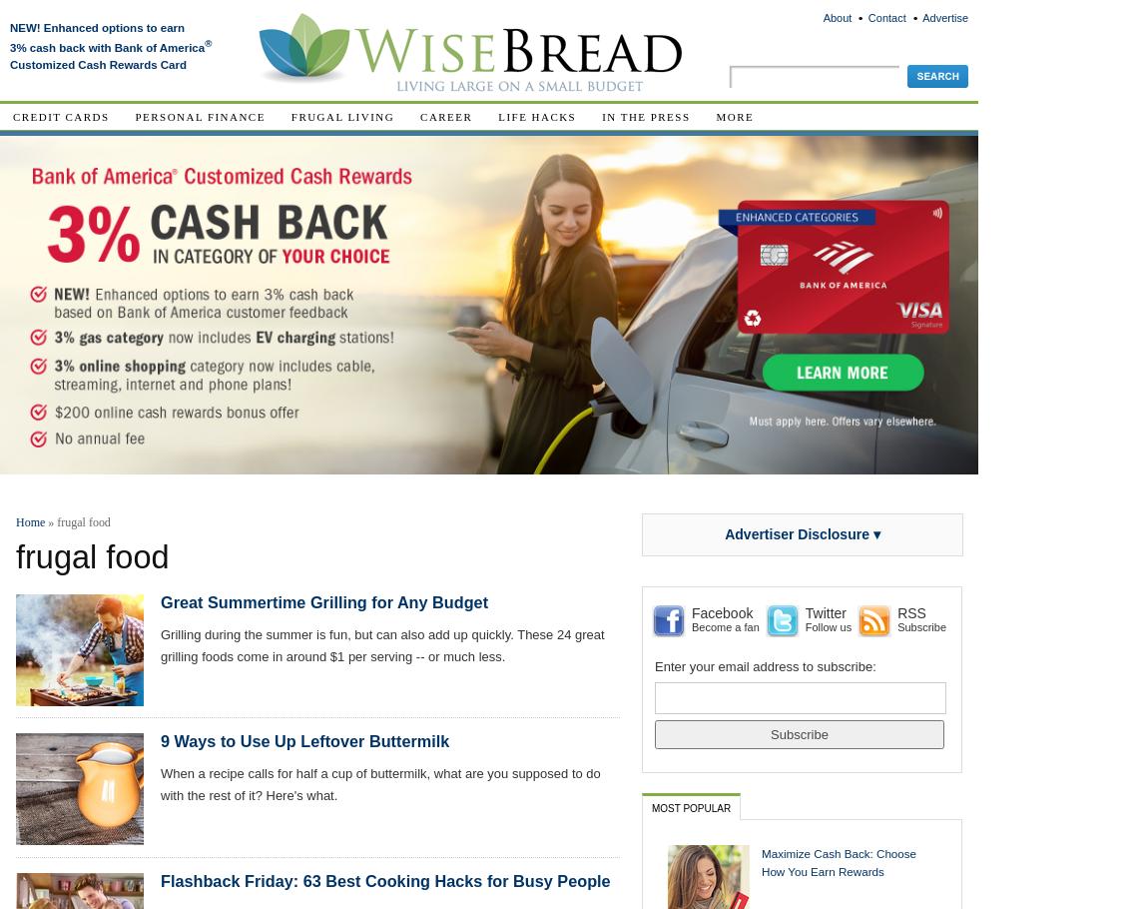  Describe the element at coordinates (97, 64) in the screenshot. I see `'Customized Cash Rewards Card'` at that location.